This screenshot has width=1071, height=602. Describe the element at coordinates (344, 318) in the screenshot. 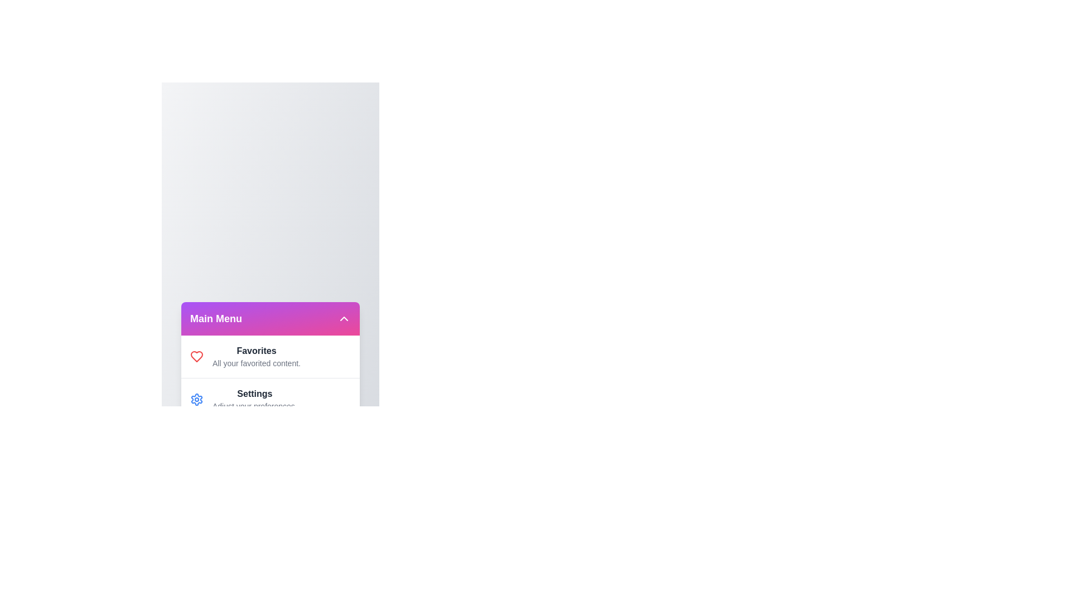

I see `the toggle button in the header to toggle the menu open or closed` at that location.